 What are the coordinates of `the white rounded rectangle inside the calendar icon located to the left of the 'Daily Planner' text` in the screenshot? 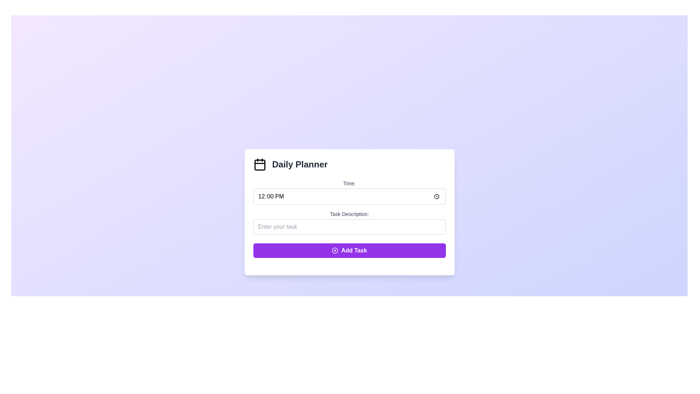 It's located at (260, 165).